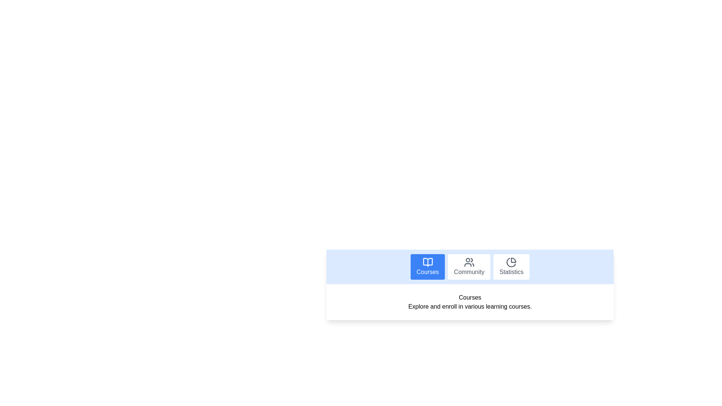  What do you see at coordinates (469, 266) in the screenshot?
I see `the Community tab` at bounding box center [469, 266].